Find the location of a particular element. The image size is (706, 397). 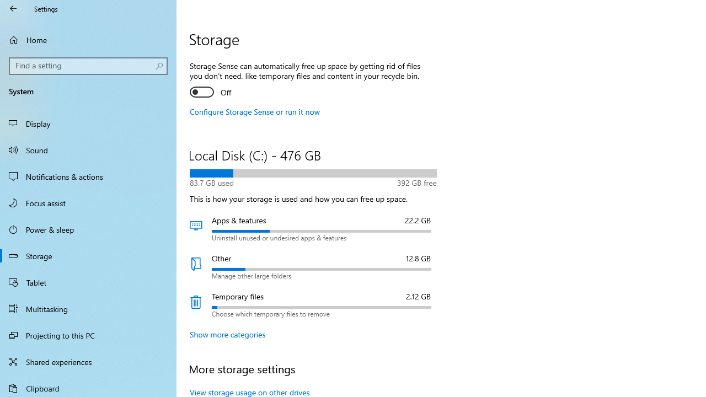

'Search box, Find a setting' is located at coordinates (88, 66).